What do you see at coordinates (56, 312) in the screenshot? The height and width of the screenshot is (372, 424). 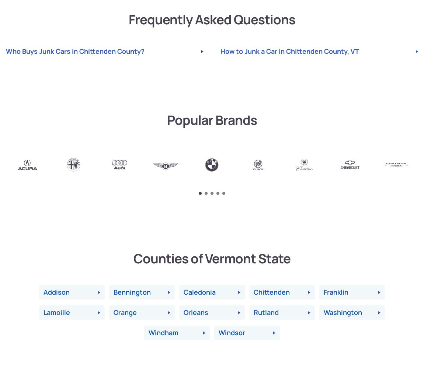 I see `'Lamoille'` at bounding box center [56, 312].